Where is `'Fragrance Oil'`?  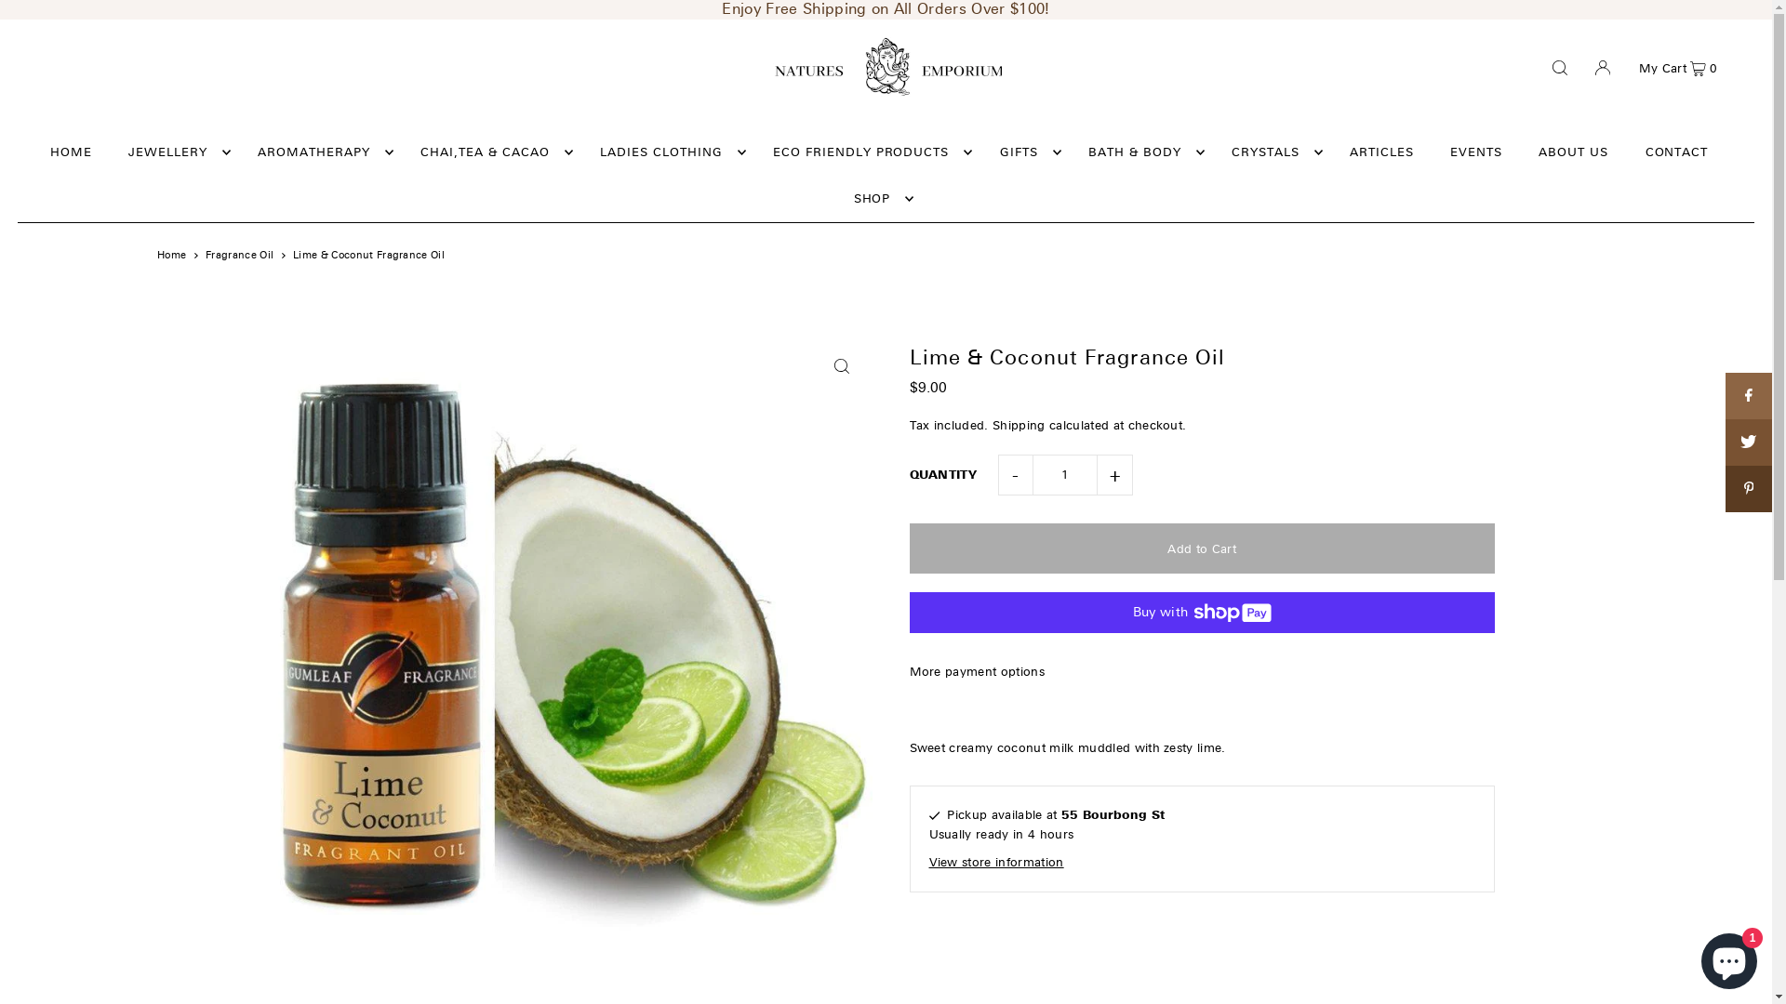 'Fragrance Oil' is located at coordinates (238, 255).